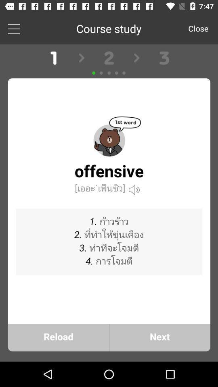 This screenshot has height=387, width=218. Describe the element at coordinates (109, 202) in the screenshot. I see `course study front page` at that location.